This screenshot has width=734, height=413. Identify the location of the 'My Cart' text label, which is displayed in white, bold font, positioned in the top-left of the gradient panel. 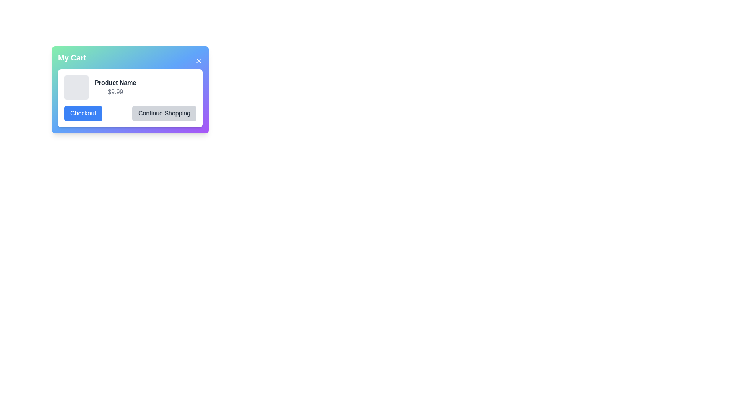
(72, 57).